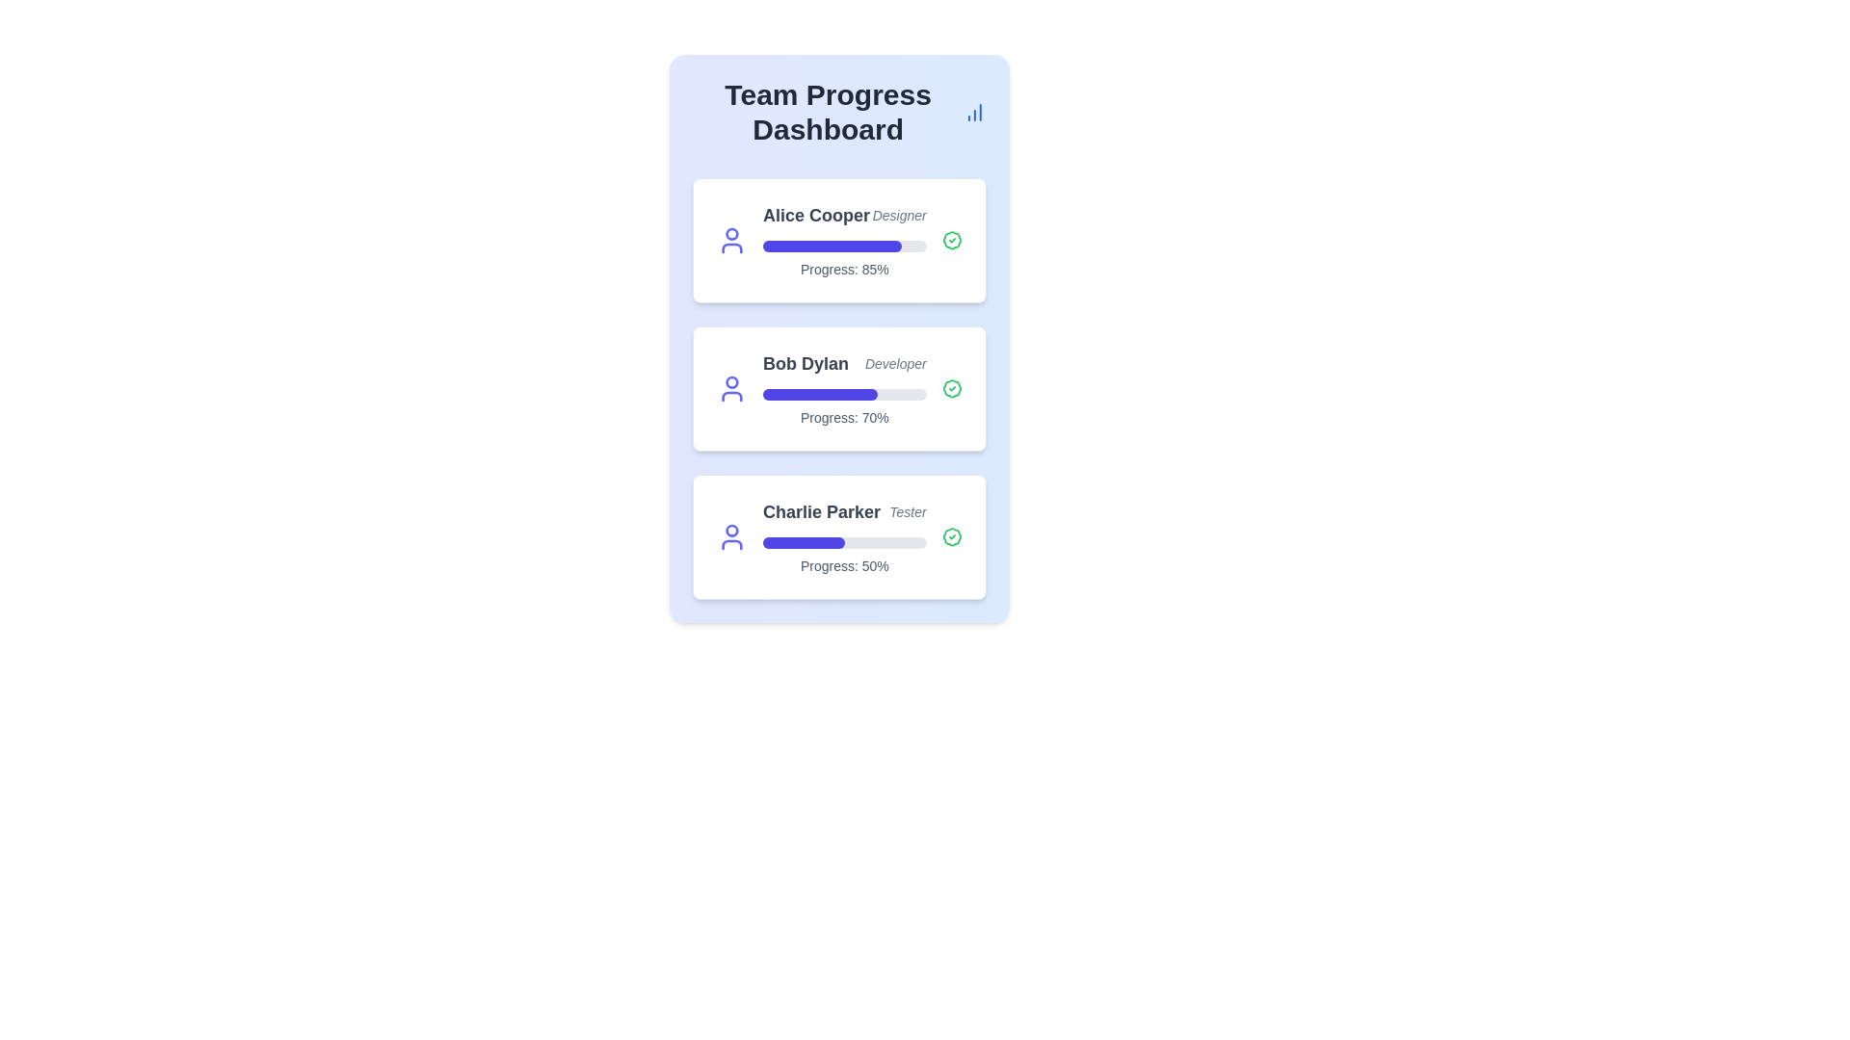 The image size is (1850, 1040). I want to click on the silhouette icon of a person, which is indigo colored and located above the progress bar in the 'Bob Dylan' card, so click(730, 389).